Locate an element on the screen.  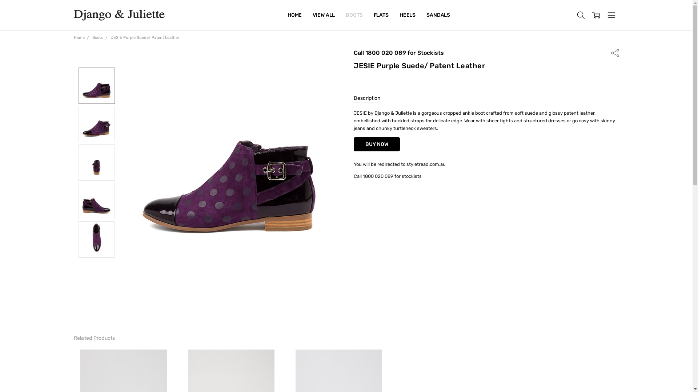
'PRIVACY POLICY' is located at coordinates (307, 15).